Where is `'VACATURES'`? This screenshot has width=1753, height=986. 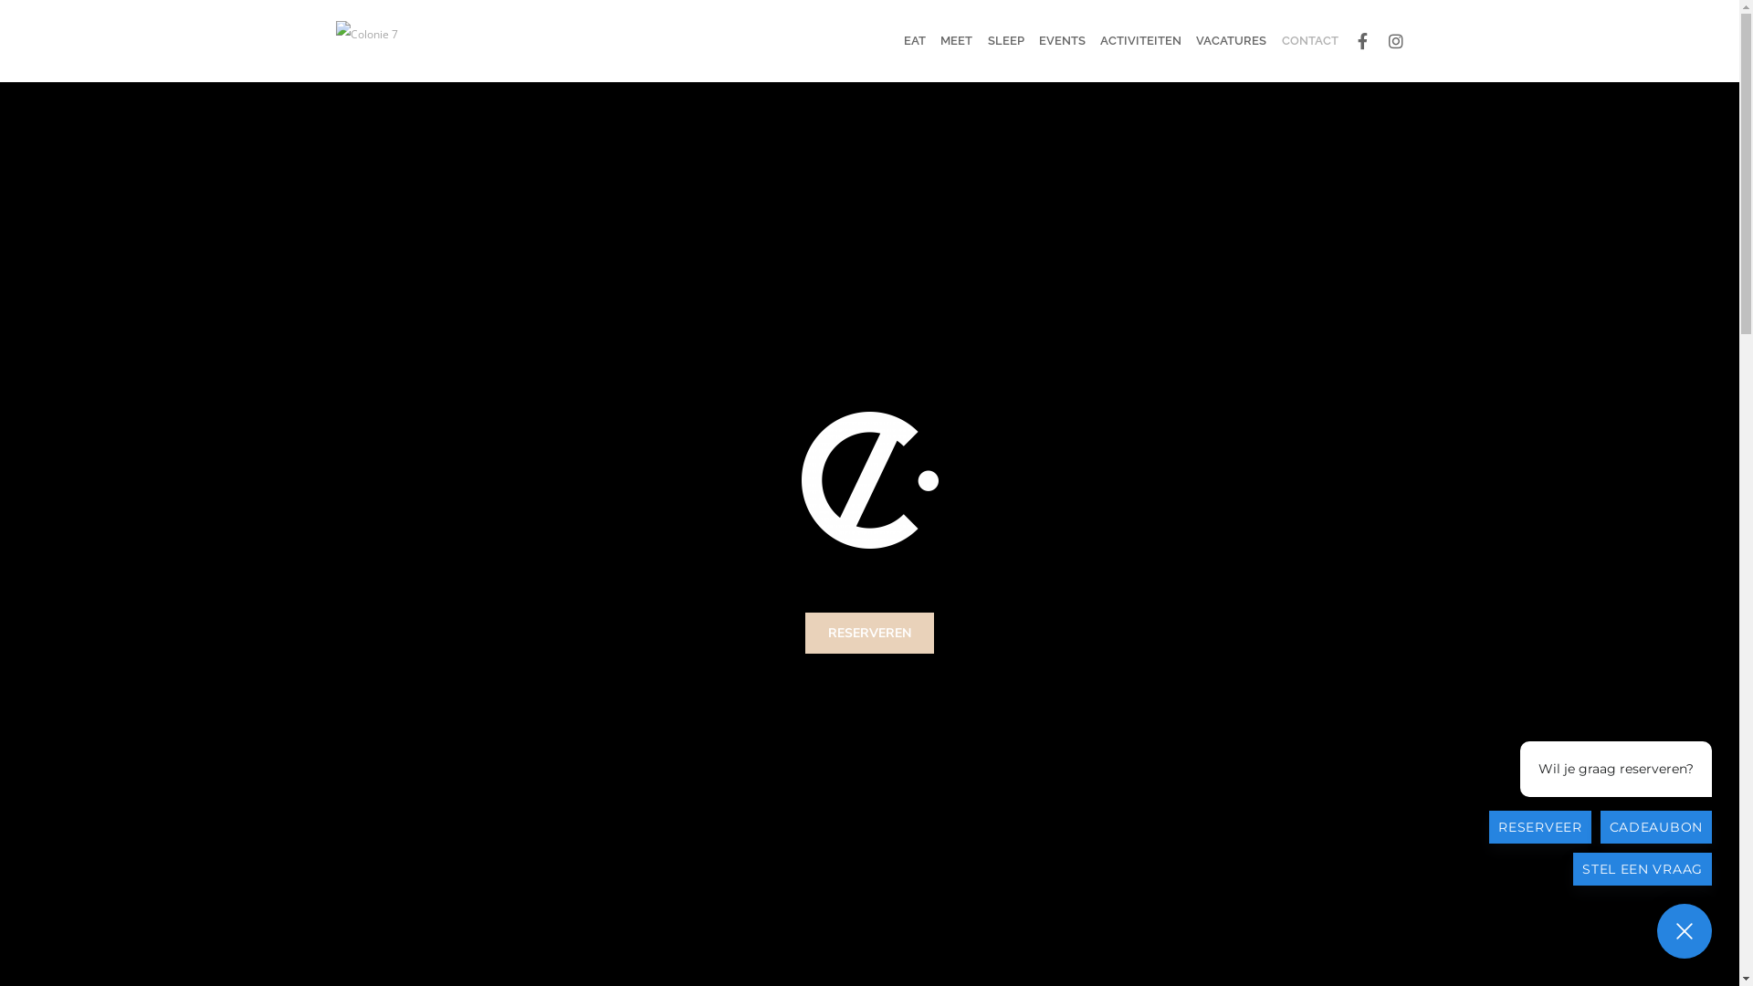 'VACATURES' is located at coordinates (1231, 41).